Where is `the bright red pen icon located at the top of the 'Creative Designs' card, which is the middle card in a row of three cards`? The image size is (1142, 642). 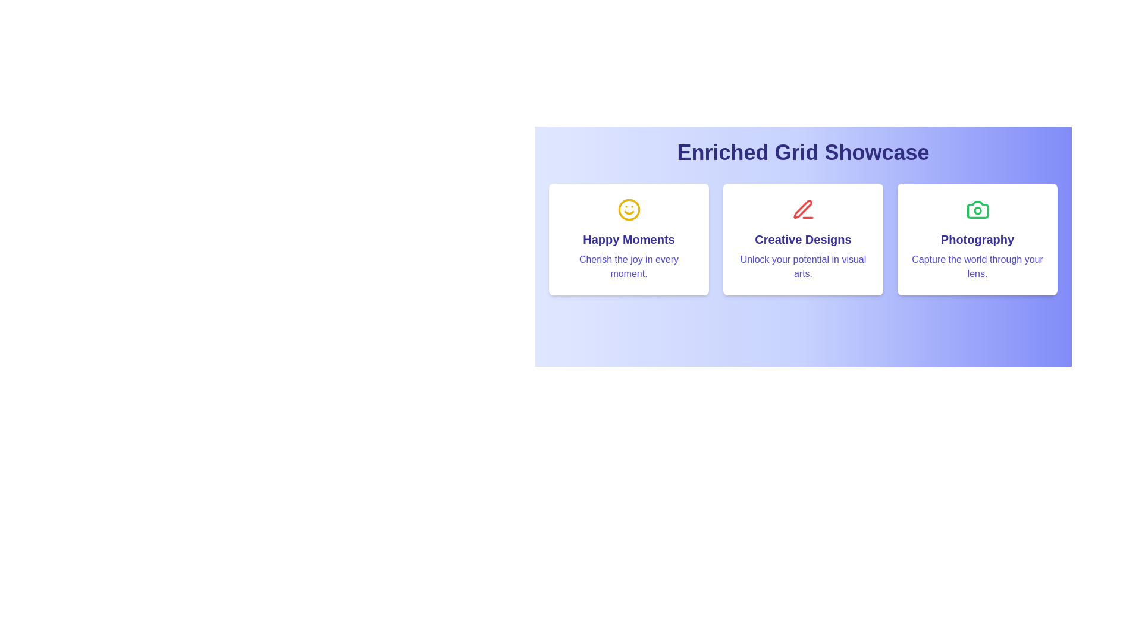
the bright red pen icon located at the top of the 'Creative Designs' card, which is the middle card in a row of three cards is located at coordinates (803, 209).